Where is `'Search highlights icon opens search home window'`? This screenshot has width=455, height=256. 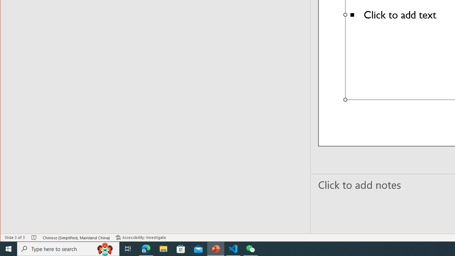 'Search highlights icon opens search home window' is located at coordinates (105, 248).